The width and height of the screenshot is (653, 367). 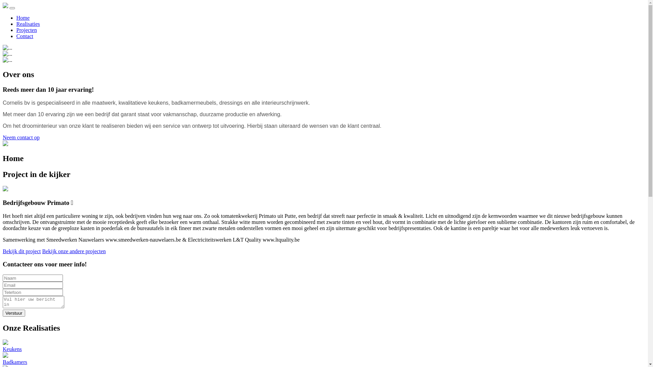 I want to click on 'Contact', so click(x=24, y=36).